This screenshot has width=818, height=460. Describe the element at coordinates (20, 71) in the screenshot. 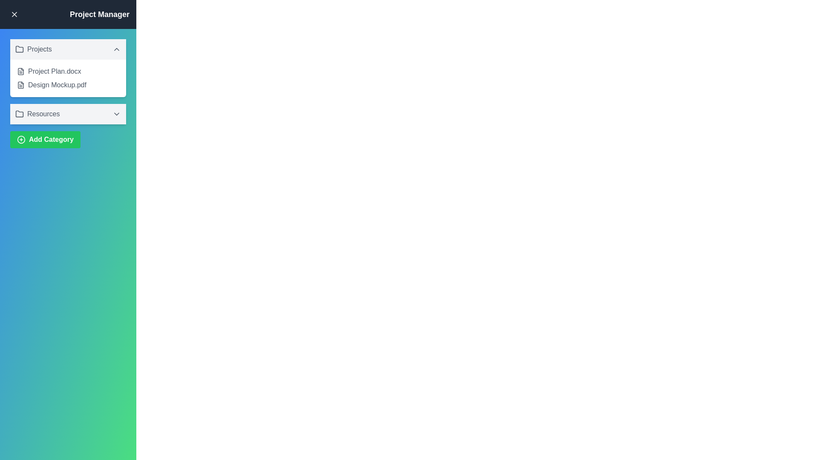

I see `the SVG icon representing a file with a textual content depiction, which is located to the far left of the text labeled 'Project Plan.docx'` at that location.